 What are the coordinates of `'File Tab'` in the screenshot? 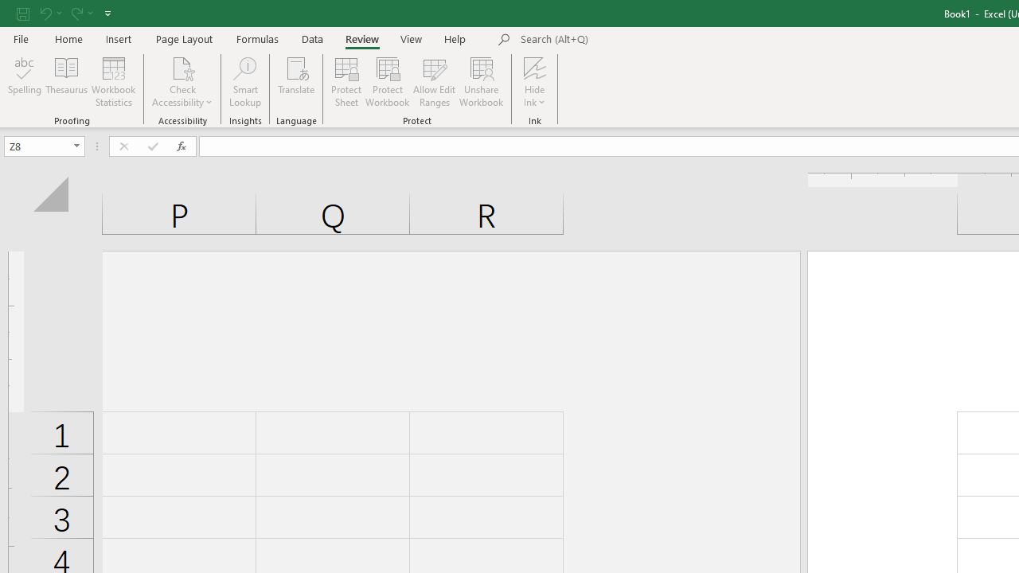 It's located at (21, 37).